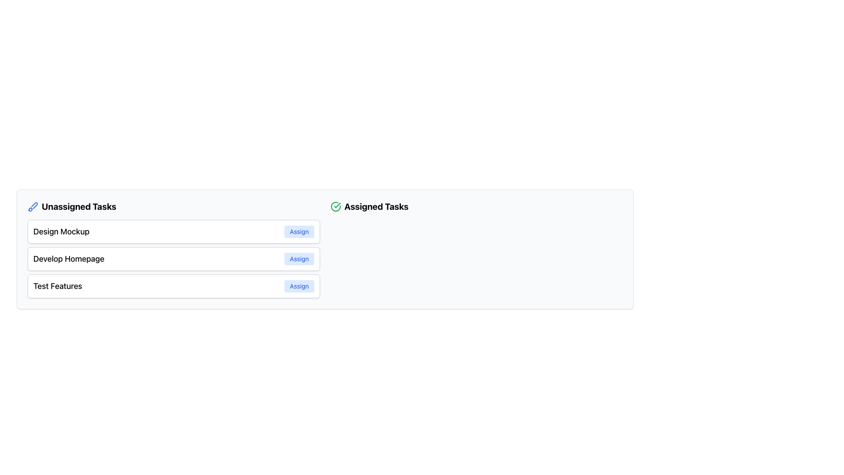 Image resolution: width=844 pixels, height=475 pixels. Describe the element at coordinates (335, 207) in the screenshot. I see `the status icon in the 'Assigned Tasks' section, which is located at the top right of the interface and precedes the text 'Assigned Tasks'` at that location.